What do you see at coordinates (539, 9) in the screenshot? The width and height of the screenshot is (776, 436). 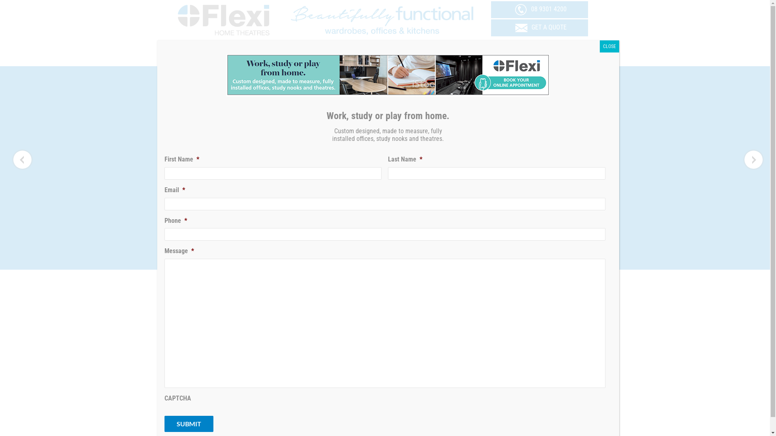 I see `'08 9301 4200'` at bounding box center [539, 9].